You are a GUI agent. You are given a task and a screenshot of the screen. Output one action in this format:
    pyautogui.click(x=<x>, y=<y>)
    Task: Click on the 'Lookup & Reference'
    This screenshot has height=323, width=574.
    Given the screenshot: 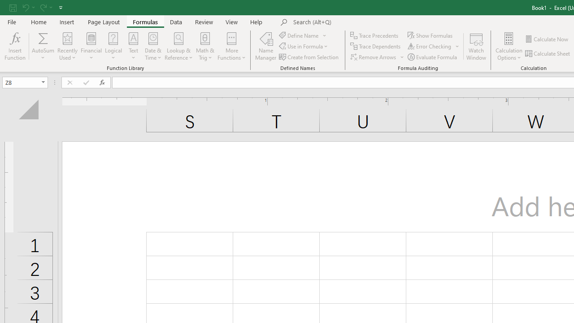 What is the action you would take?
    pyautogui.click(x=178, y=46)
    